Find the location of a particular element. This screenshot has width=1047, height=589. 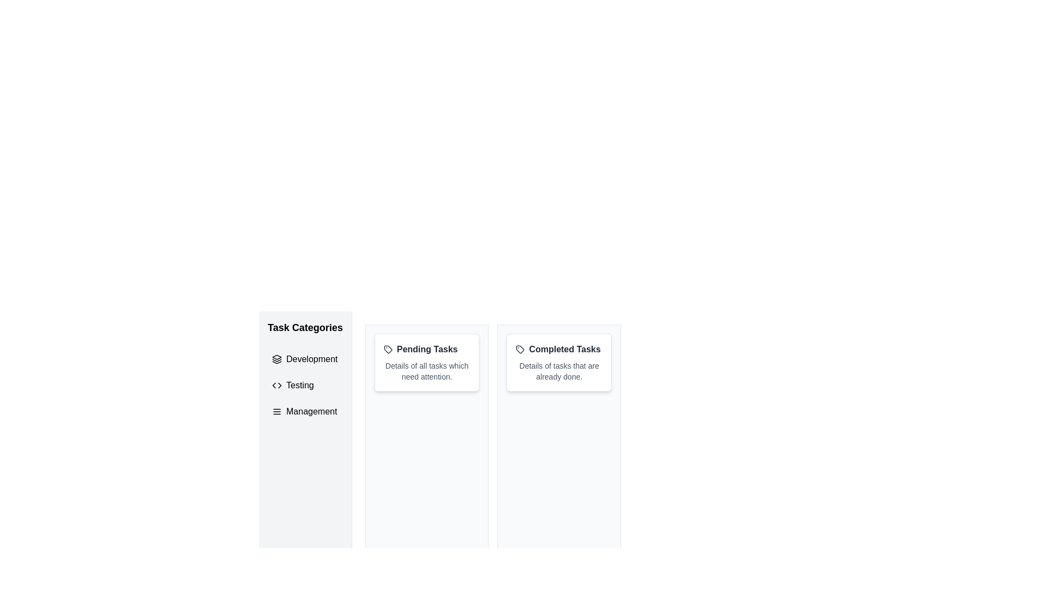

the small code symbol icon located to the left of the text label 'Testing' in the vertical list of categories in the sidebar is located at coordinates (277, 384).